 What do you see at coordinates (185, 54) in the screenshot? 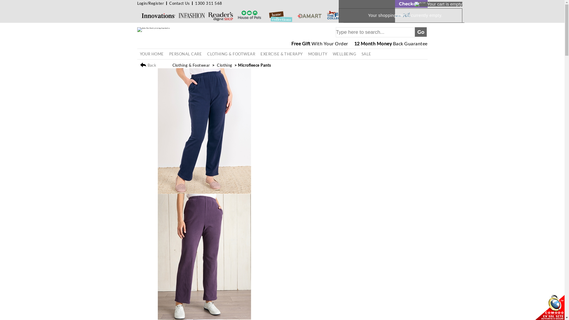
I see `'PERSONAL CARE'` at bounding box center [185, 54].